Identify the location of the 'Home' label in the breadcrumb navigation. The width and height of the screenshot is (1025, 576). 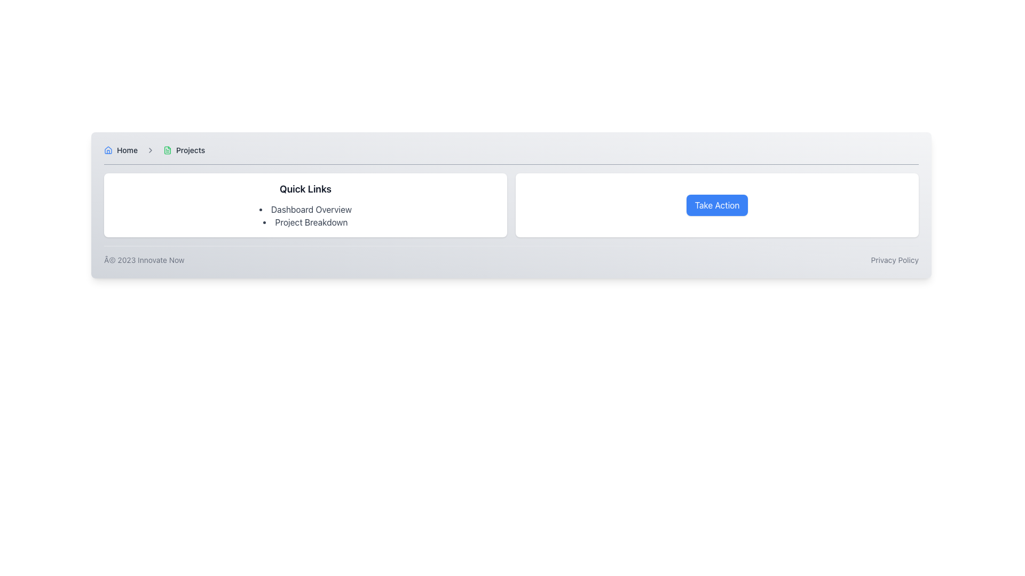
(121, 150).